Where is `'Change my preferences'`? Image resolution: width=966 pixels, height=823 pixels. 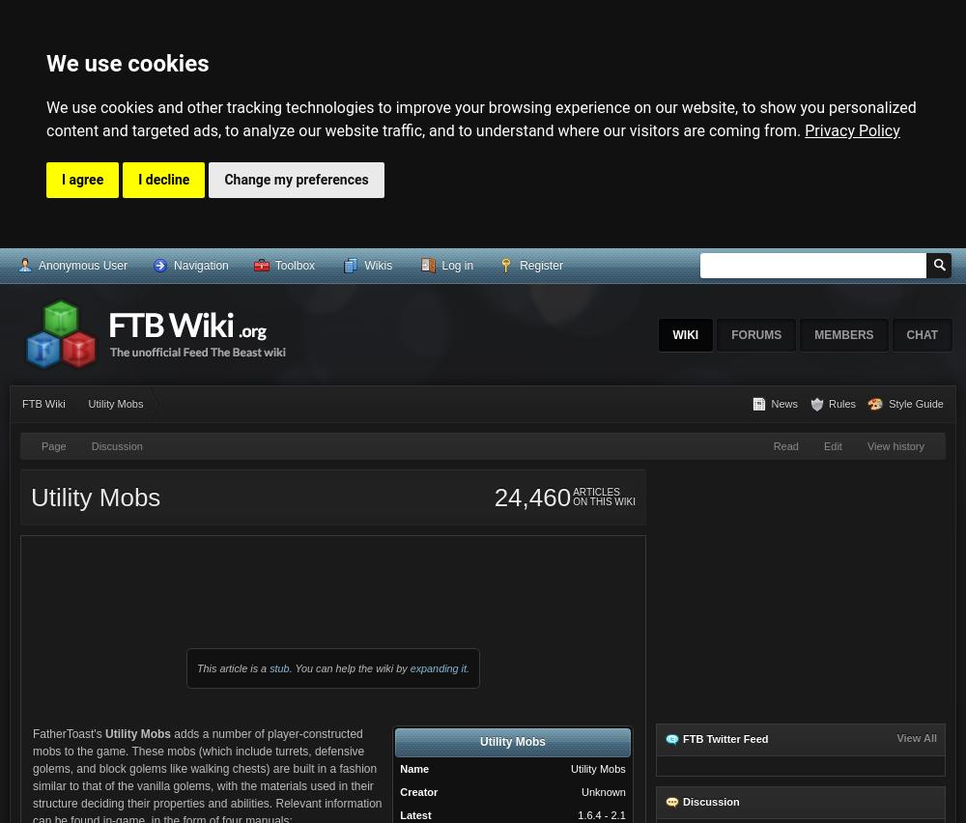
'Change my preferences' is located at coordinates (296, 179).